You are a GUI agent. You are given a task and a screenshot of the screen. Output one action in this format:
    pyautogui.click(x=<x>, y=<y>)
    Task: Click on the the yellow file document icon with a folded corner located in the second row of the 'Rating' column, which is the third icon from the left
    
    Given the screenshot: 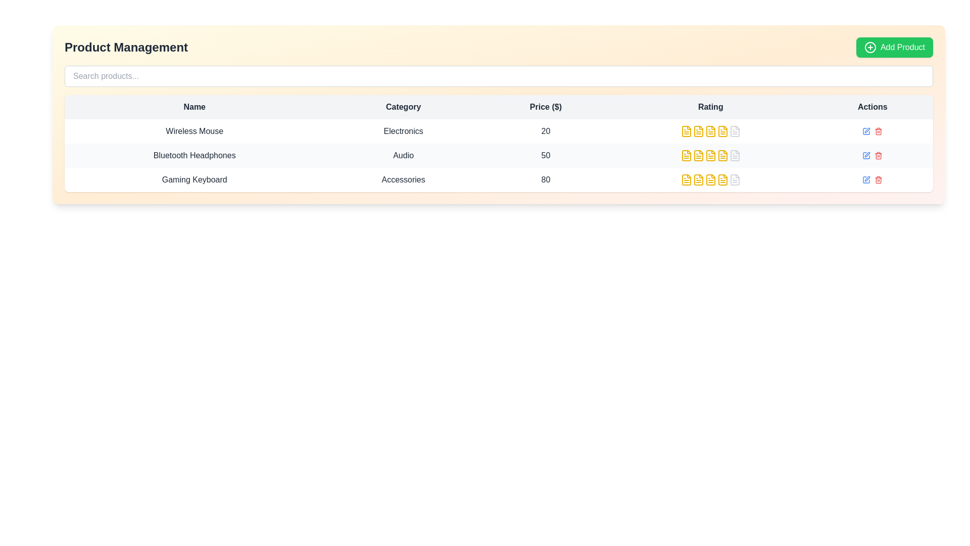 What is the action you would take?
    pyautogui.click(x=710, y=130)
    